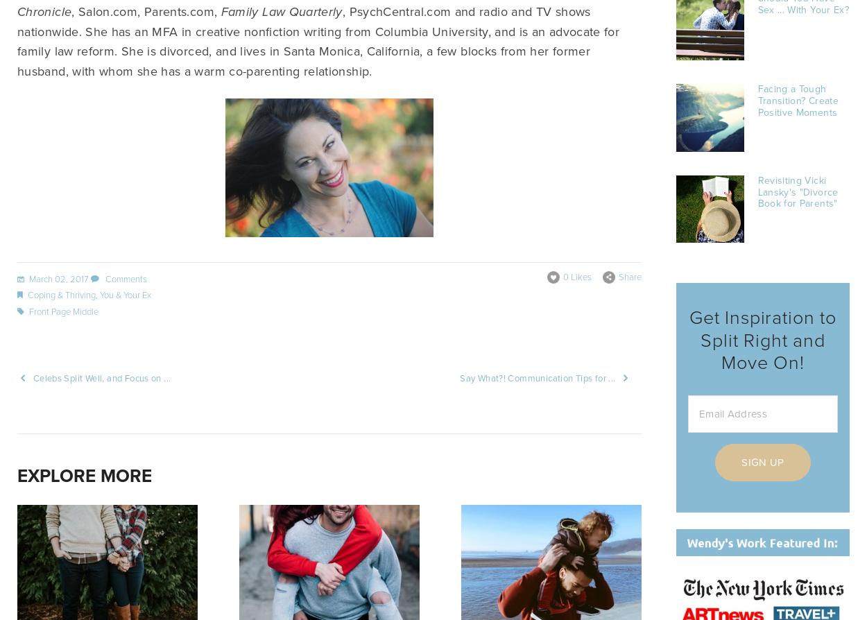 The image size is (867, 620). Describe the element at coordinates (798, 101) in the screenshot. I see `'Facing a Tough Transition? Create Positive Moments'` at that location.